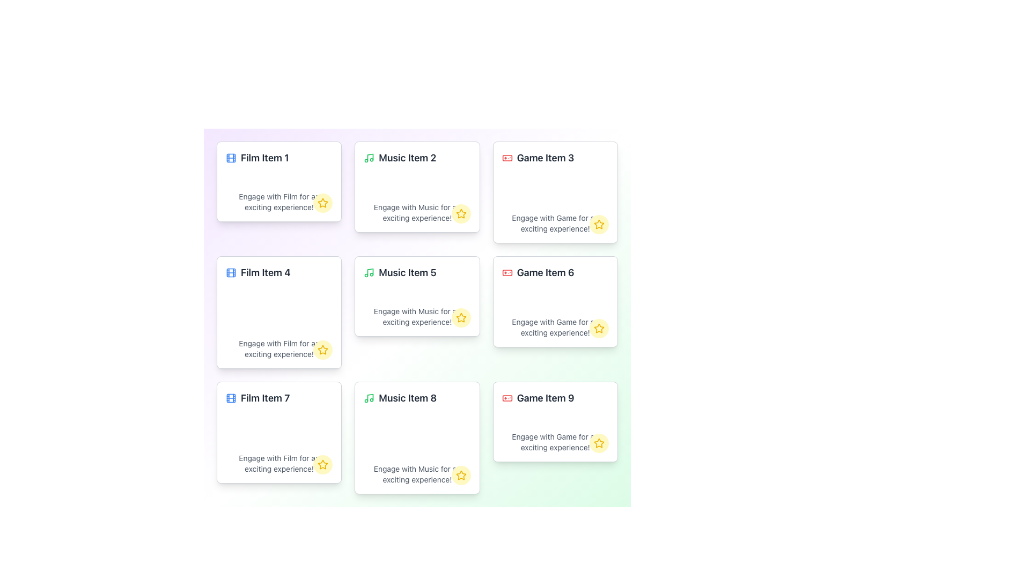 This screenshot has height=579, width=1030. What do you see at coordinates (231, 158) in the screenshot?
I see `central rectangle element of the filmstrip icon located above the text 'Film Item 1' in the top-left card of the grid layout` at bounding box center [231, 158].